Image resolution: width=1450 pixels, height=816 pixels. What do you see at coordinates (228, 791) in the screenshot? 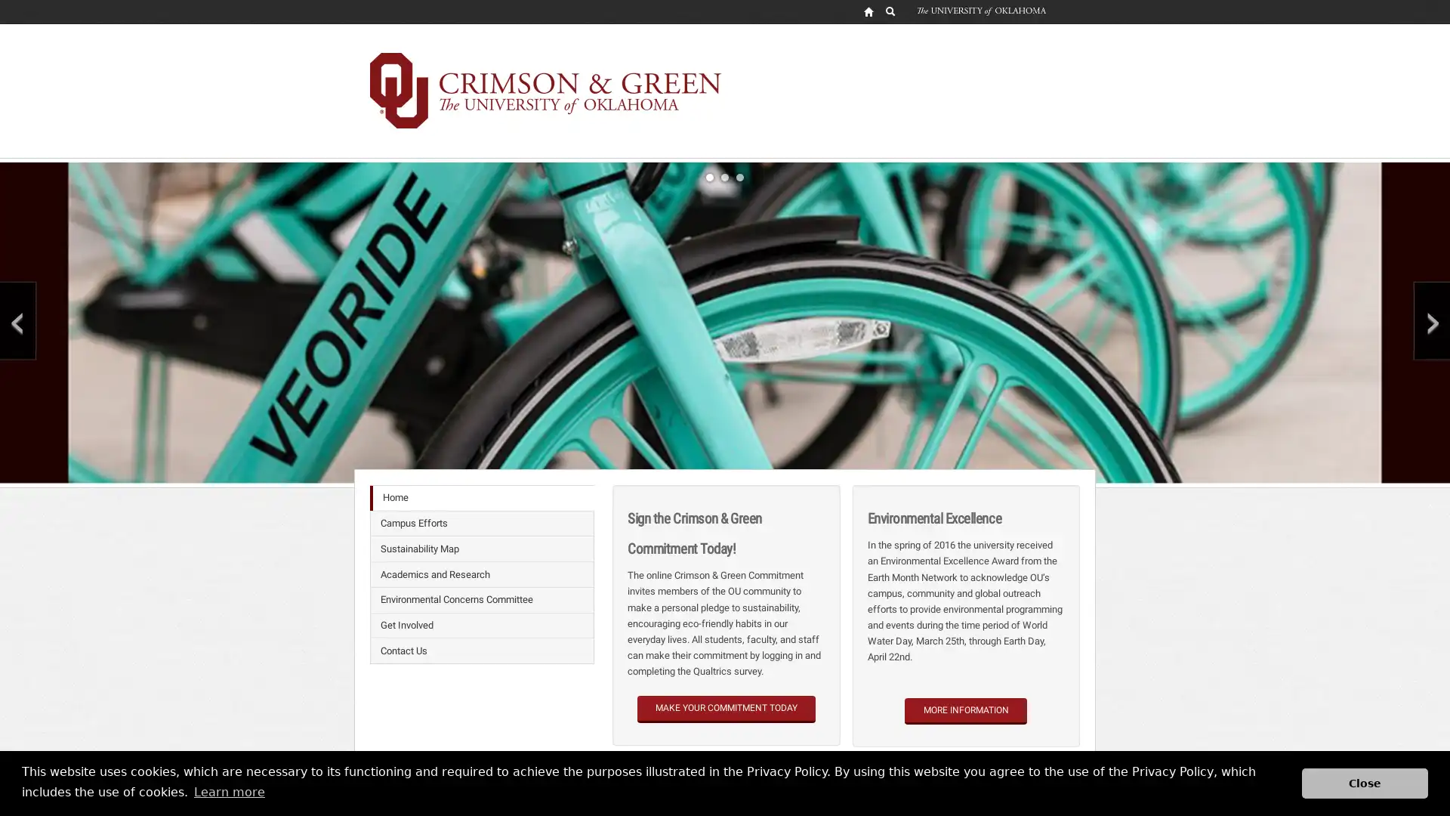
I see `learn more about cookies` at bounding box center [228, 791].